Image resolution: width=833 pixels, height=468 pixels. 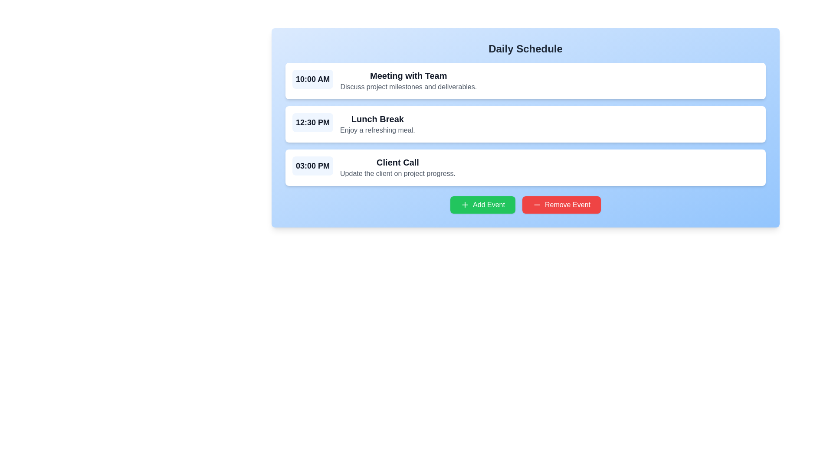 I want to click on text block titled 'Client Call' that provides an update on project progress, located to the right of the time label for '03:00 PM', so click(x=397, y=167).